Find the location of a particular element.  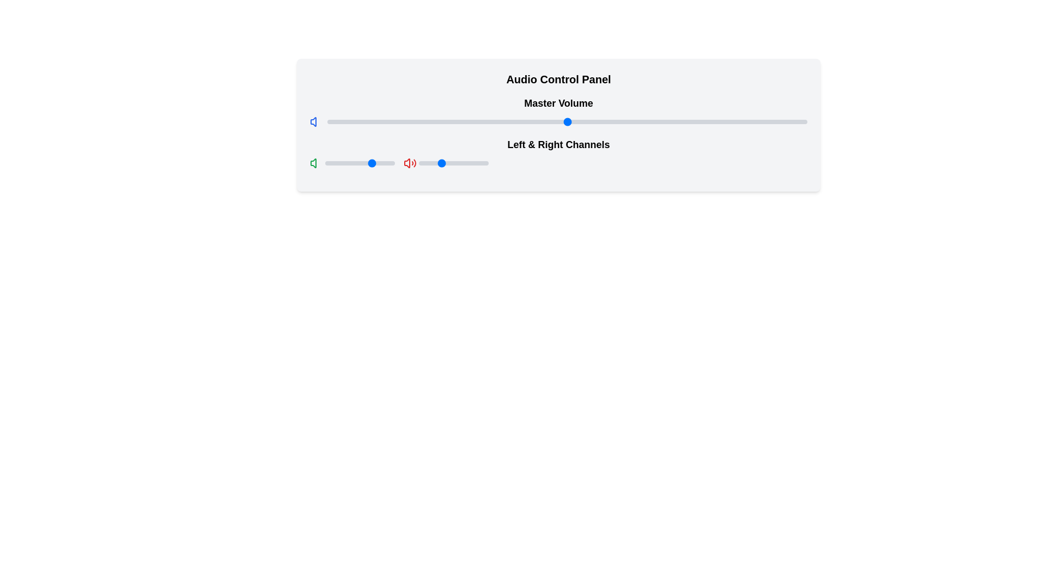

the left-right channel balance is located at coordinates (333, 163).